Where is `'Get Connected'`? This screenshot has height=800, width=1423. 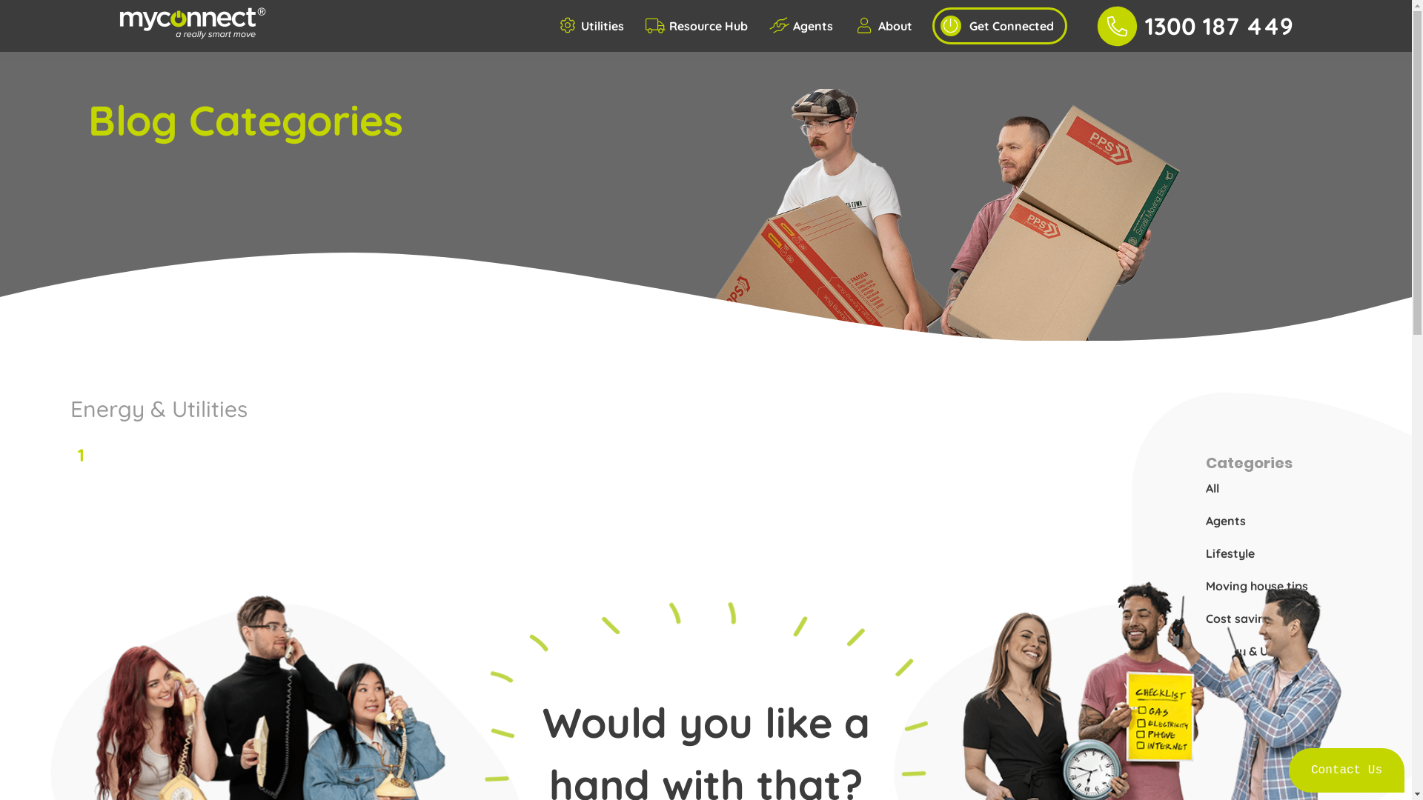 'Get Connected' is located at coordinates (999, 25).